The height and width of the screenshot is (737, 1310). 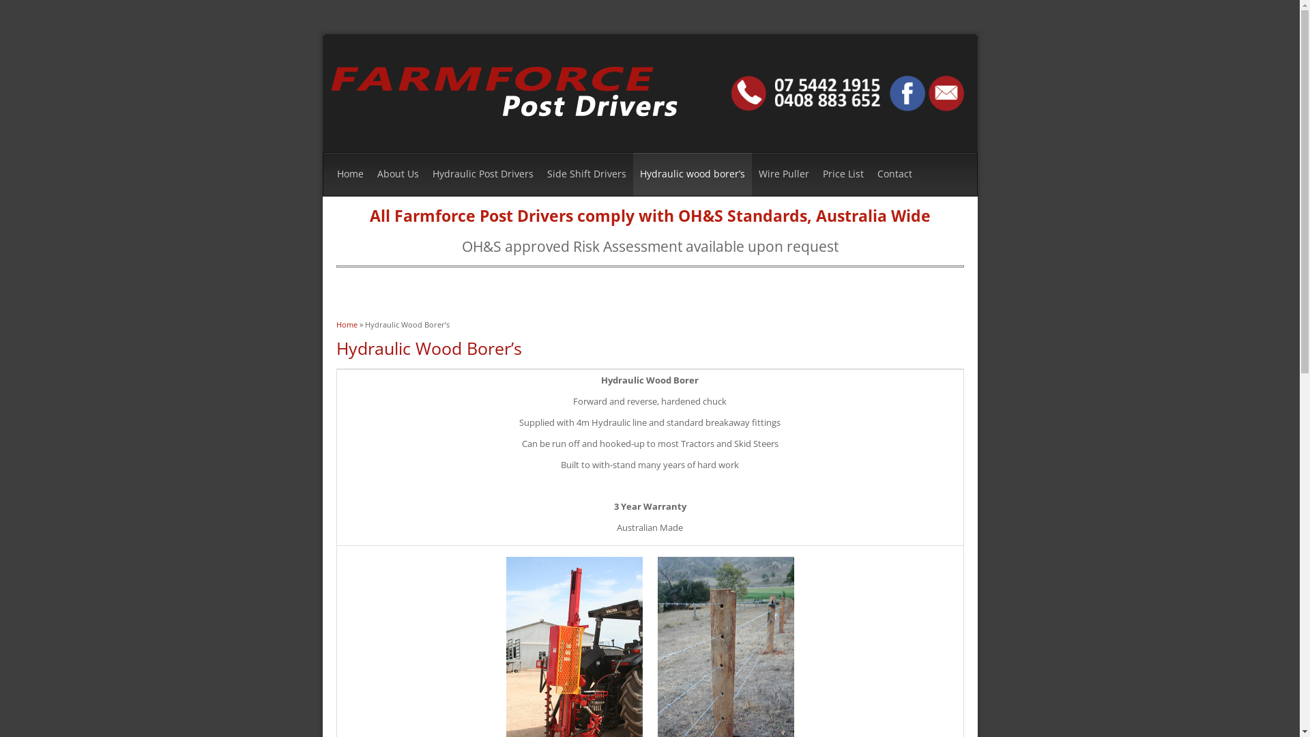 I want to click on 'About Us', so click(x=396, y=173).